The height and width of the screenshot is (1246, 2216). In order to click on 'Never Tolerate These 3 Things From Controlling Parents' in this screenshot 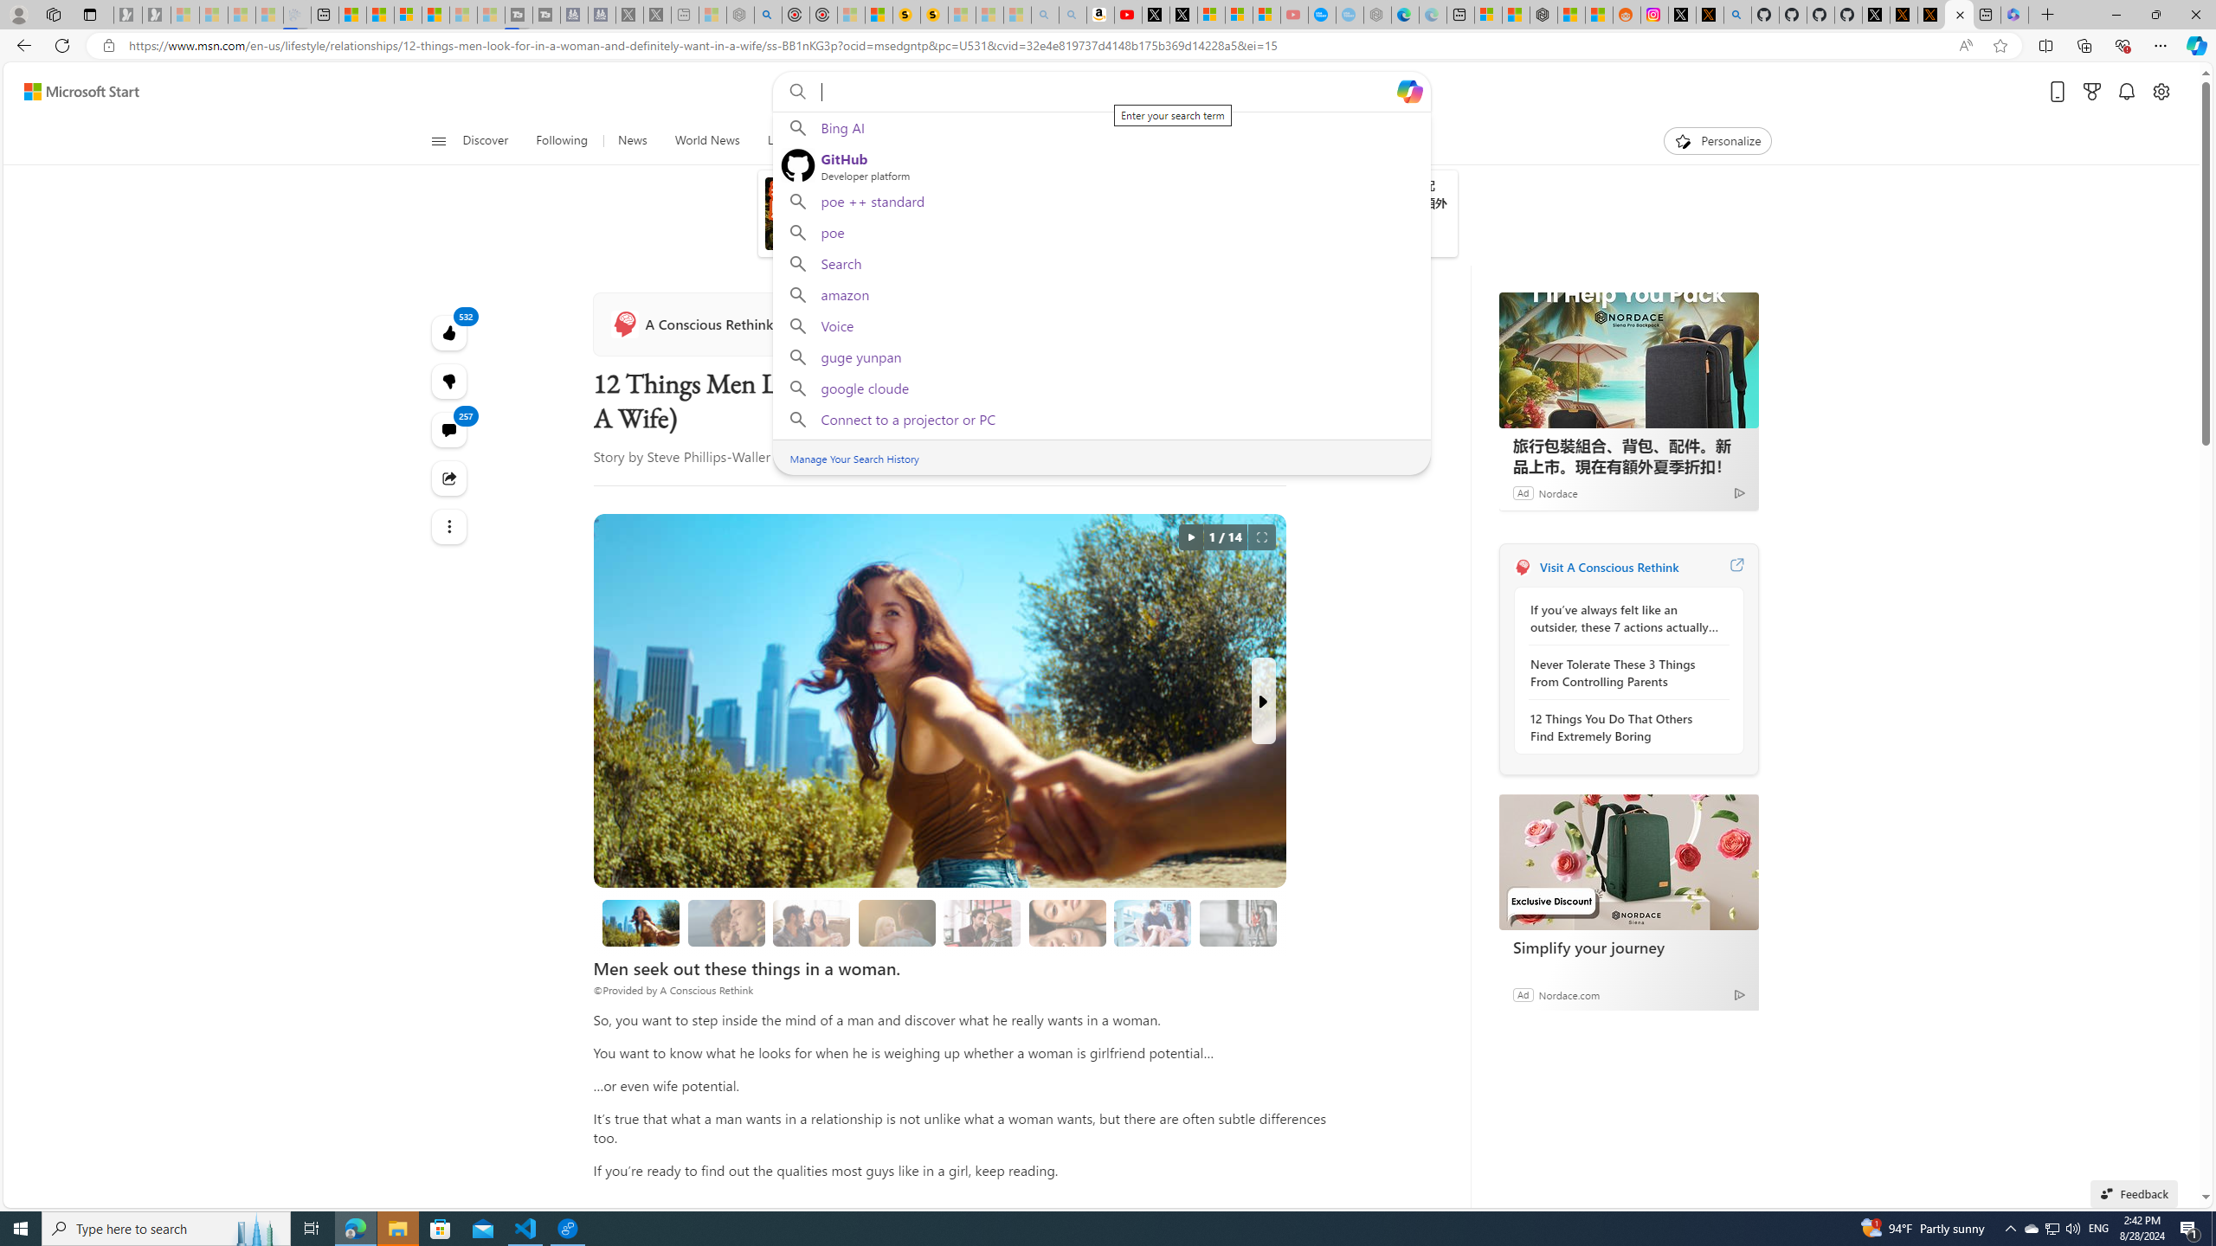, I will do `click(1623, 672)`.